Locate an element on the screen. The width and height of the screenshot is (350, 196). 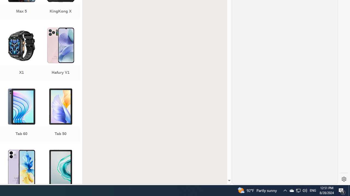
'Hafury V1' is located at coordinates (60, 54).